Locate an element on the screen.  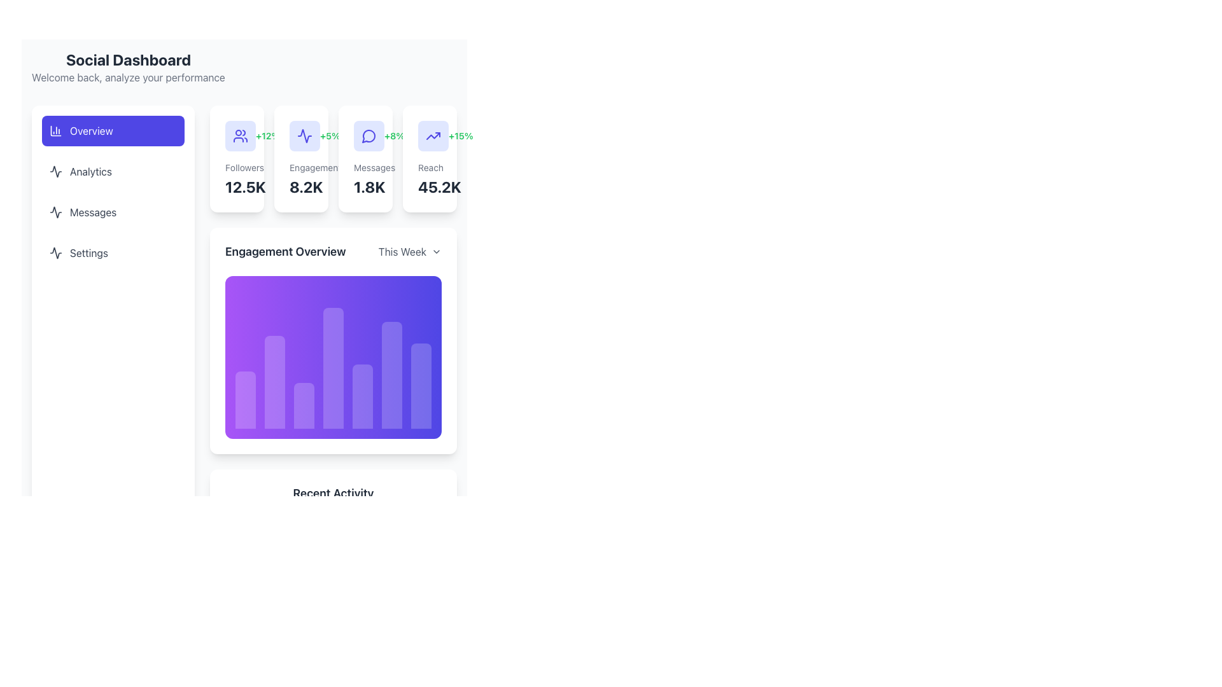
the first vertical rectangular bar with a rounded top in the 'Engagement Overview' chart, which is white with slight opacity and positioned to the far left is located at coordinates (245, 399).